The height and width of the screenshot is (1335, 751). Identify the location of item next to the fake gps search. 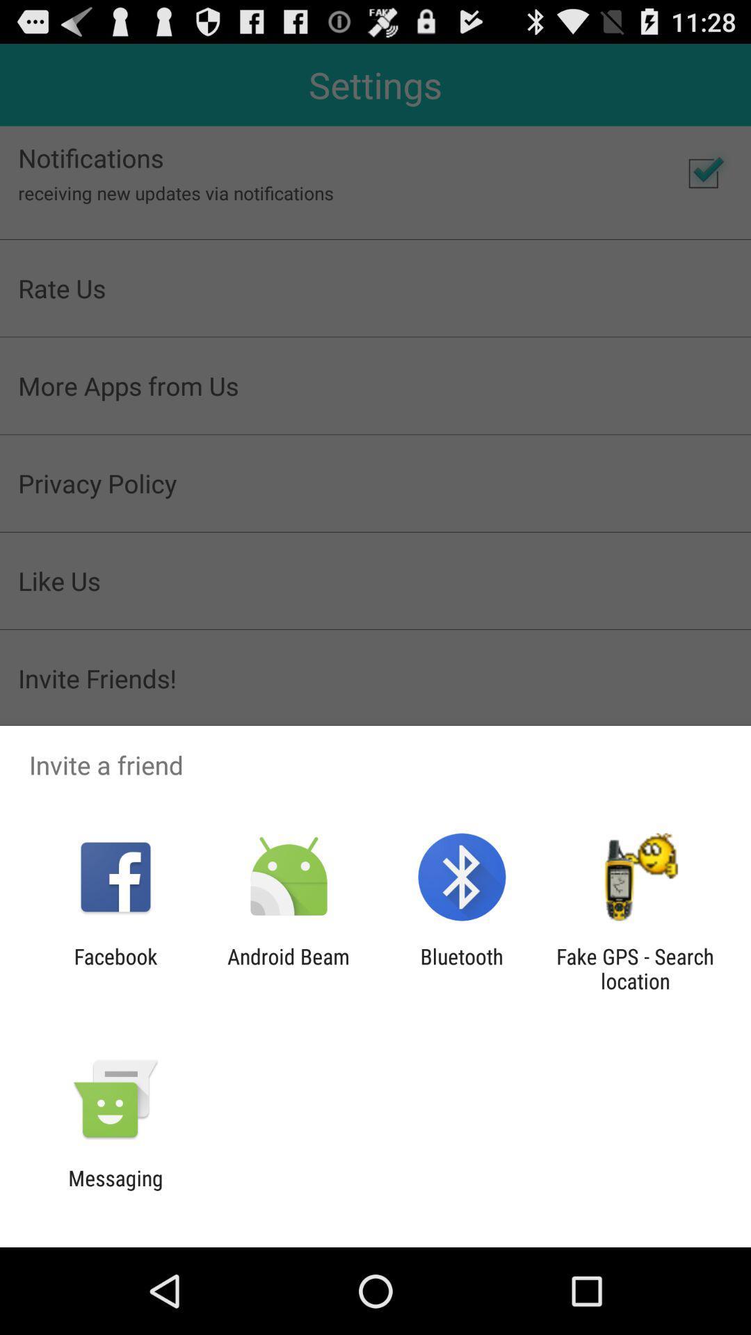
(462, 968).